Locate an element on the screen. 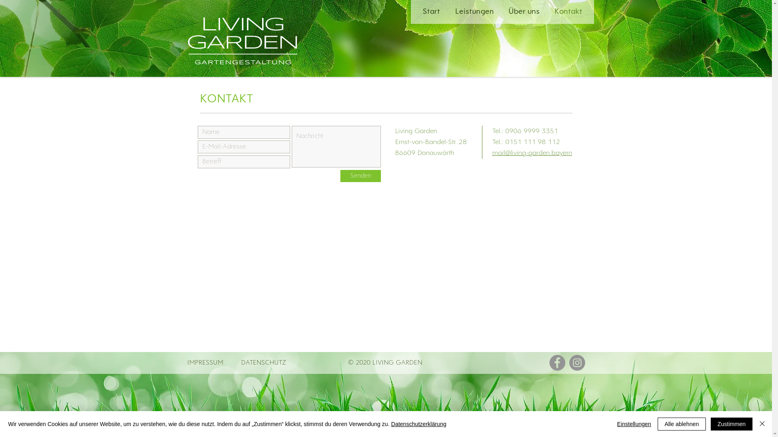 Image resolution: width=778 pixels, height=437 pixels. 'Start' is located at coordinates (416, 12).